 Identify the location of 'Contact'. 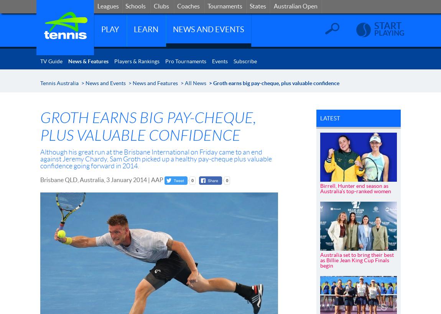
(336, 5).